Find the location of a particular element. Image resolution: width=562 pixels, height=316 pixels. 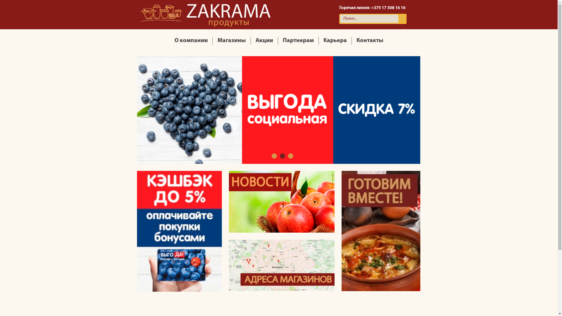

'Zakrama' is located at coordinates (205, 14).